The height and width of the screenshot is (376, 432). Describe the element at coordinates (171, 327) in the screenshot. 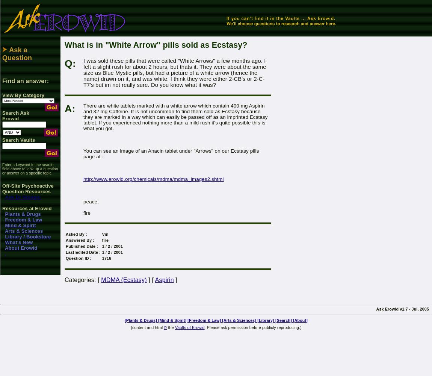

I see `'the'` at that location.